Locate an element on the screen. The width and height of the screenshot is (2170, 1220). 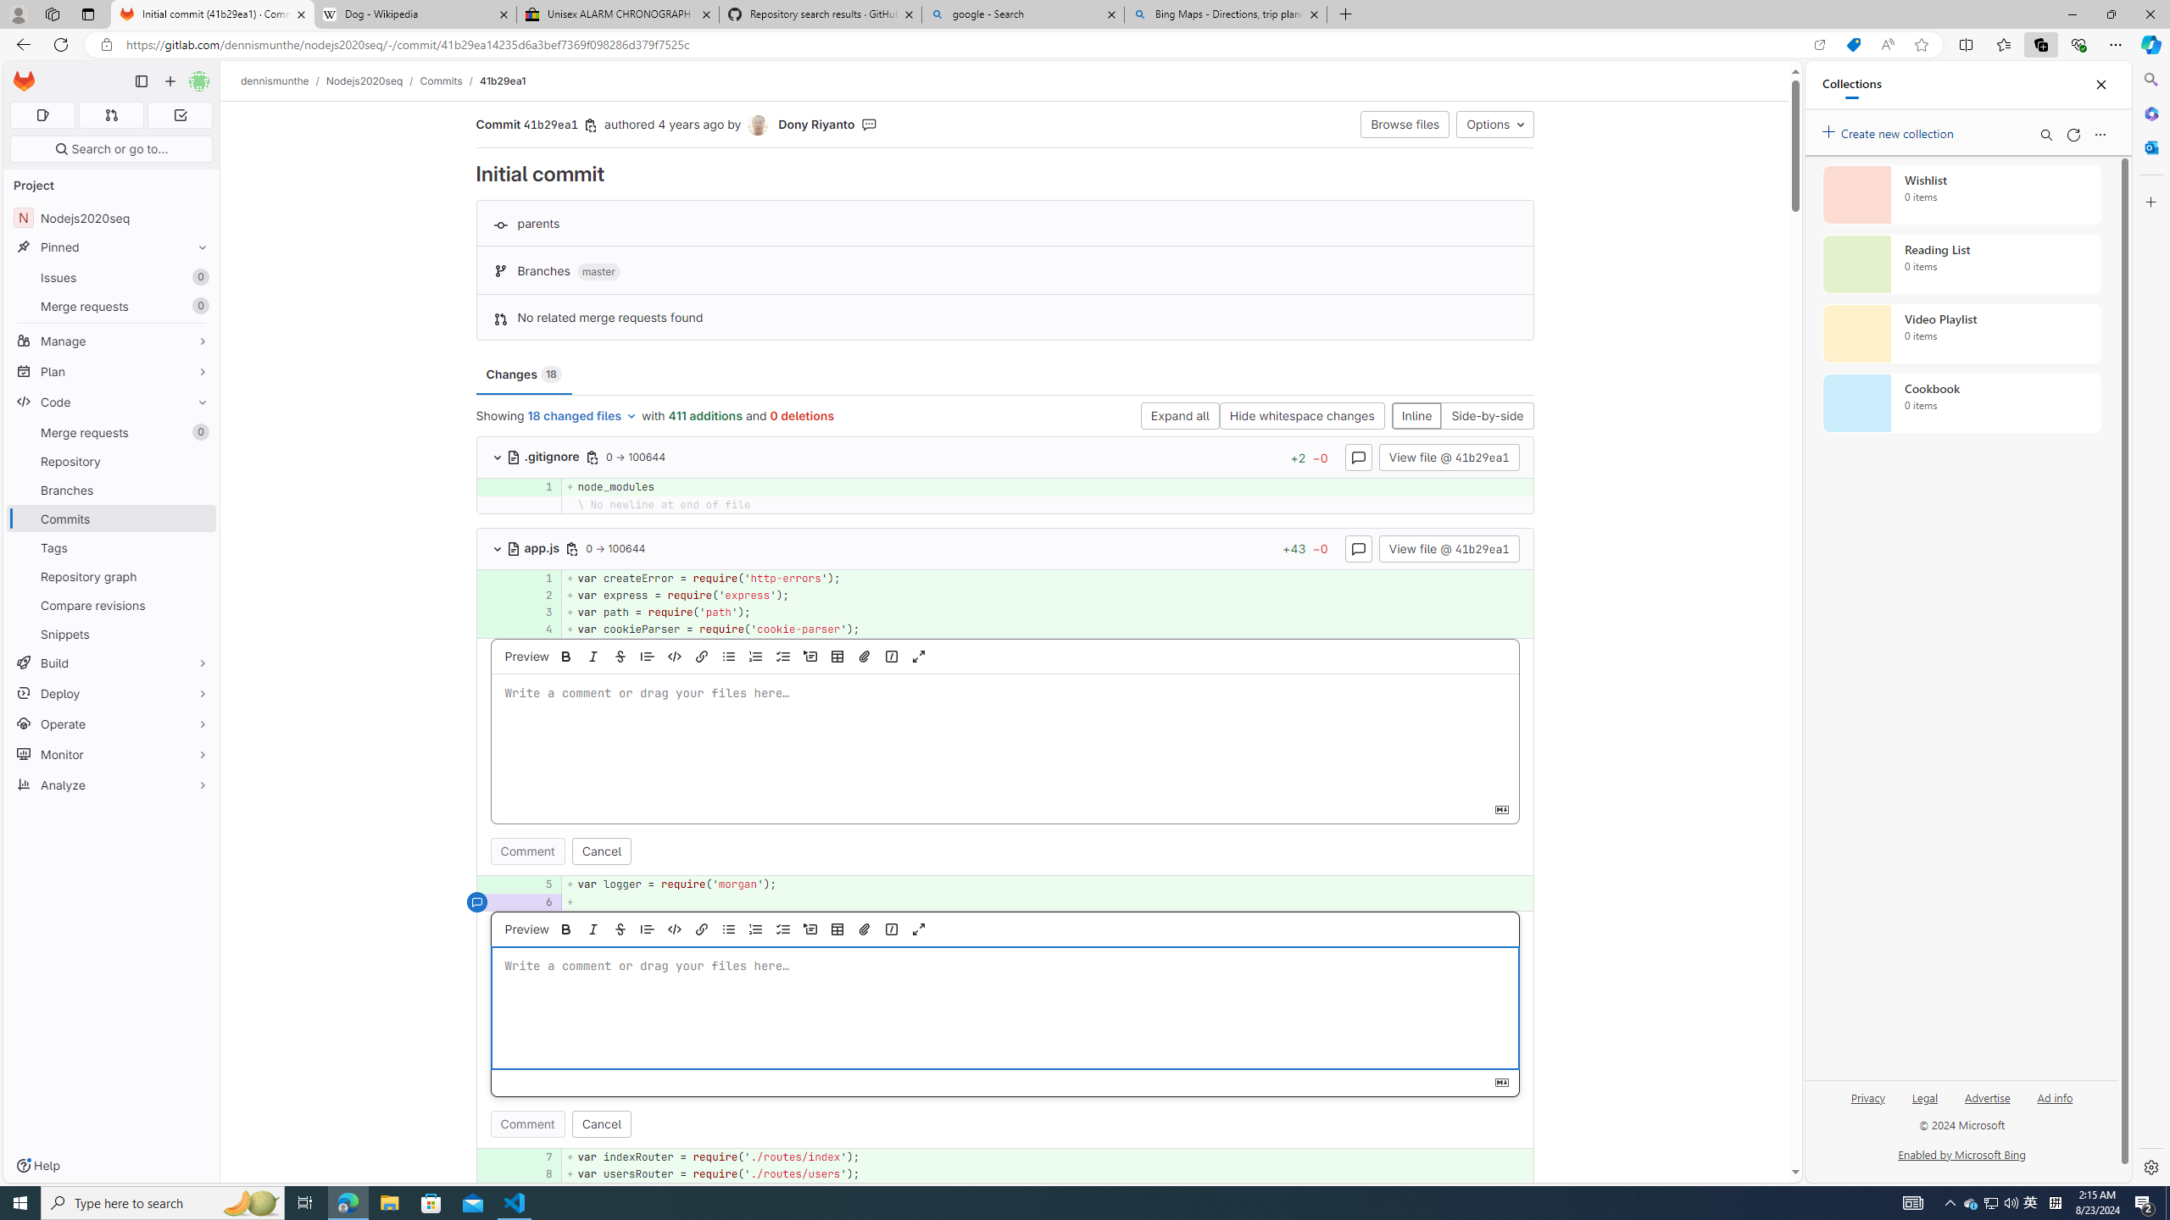
'Pin Tags' is located at coordinates (198, 547).